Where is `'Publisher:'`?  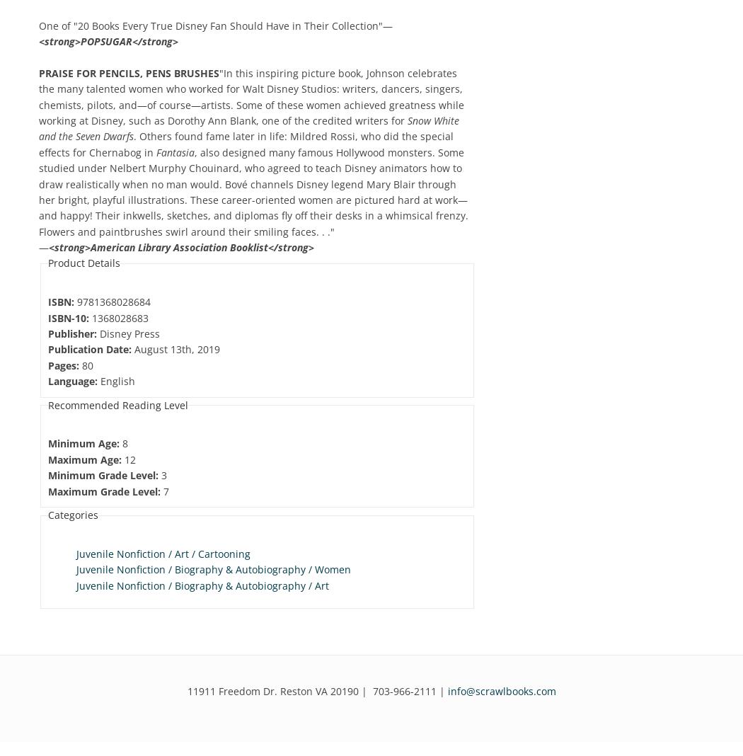
'Publisher:' is located at coordinates (72, 333).